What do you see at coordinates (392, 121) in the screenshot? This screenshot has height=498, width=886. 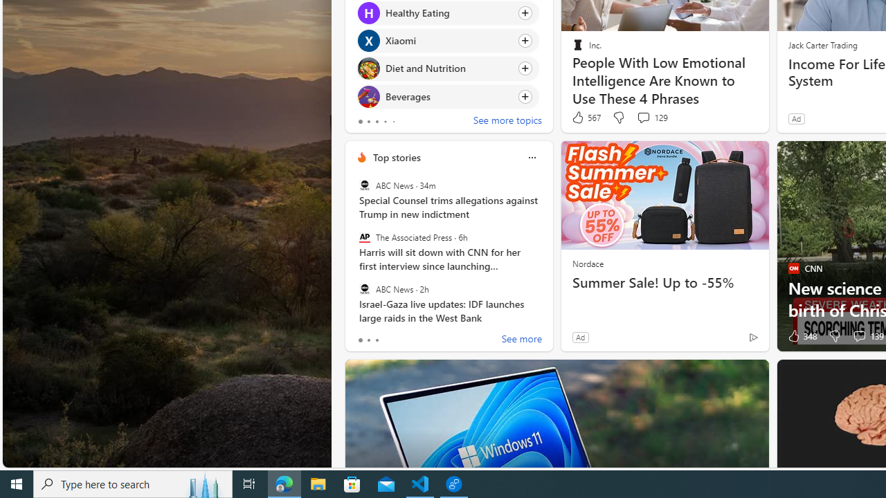 I see `'tab-4'` at bounding box center [392, 121].